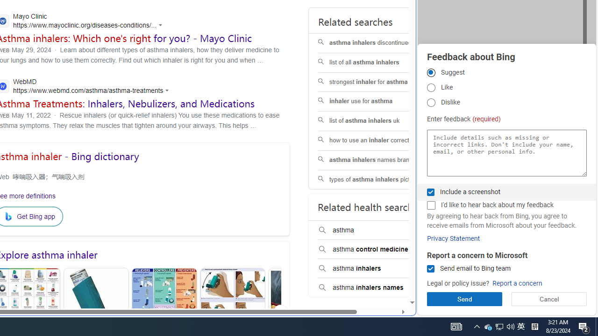 This screenshot has height=336, width=598. What do you see at coordinates (377, 230) in the screenshot?
I see `'asthma'` at bounding box center [377, 230].